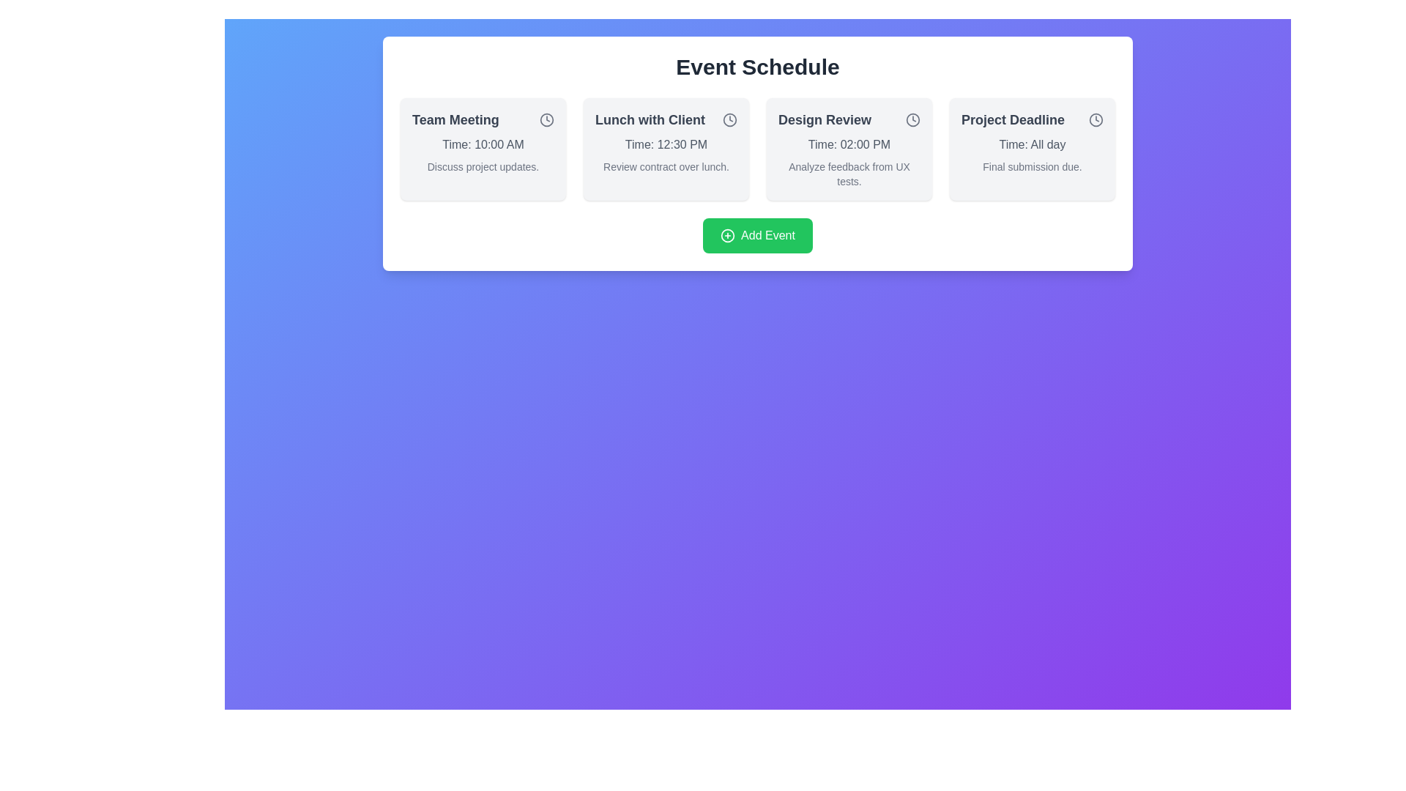 The width and height of the screenshot is (1406, 791). I want to click on the visual card component displaying 'Team Meeting' with a light gray background and a clock icon in the top right, so click(483, 149).